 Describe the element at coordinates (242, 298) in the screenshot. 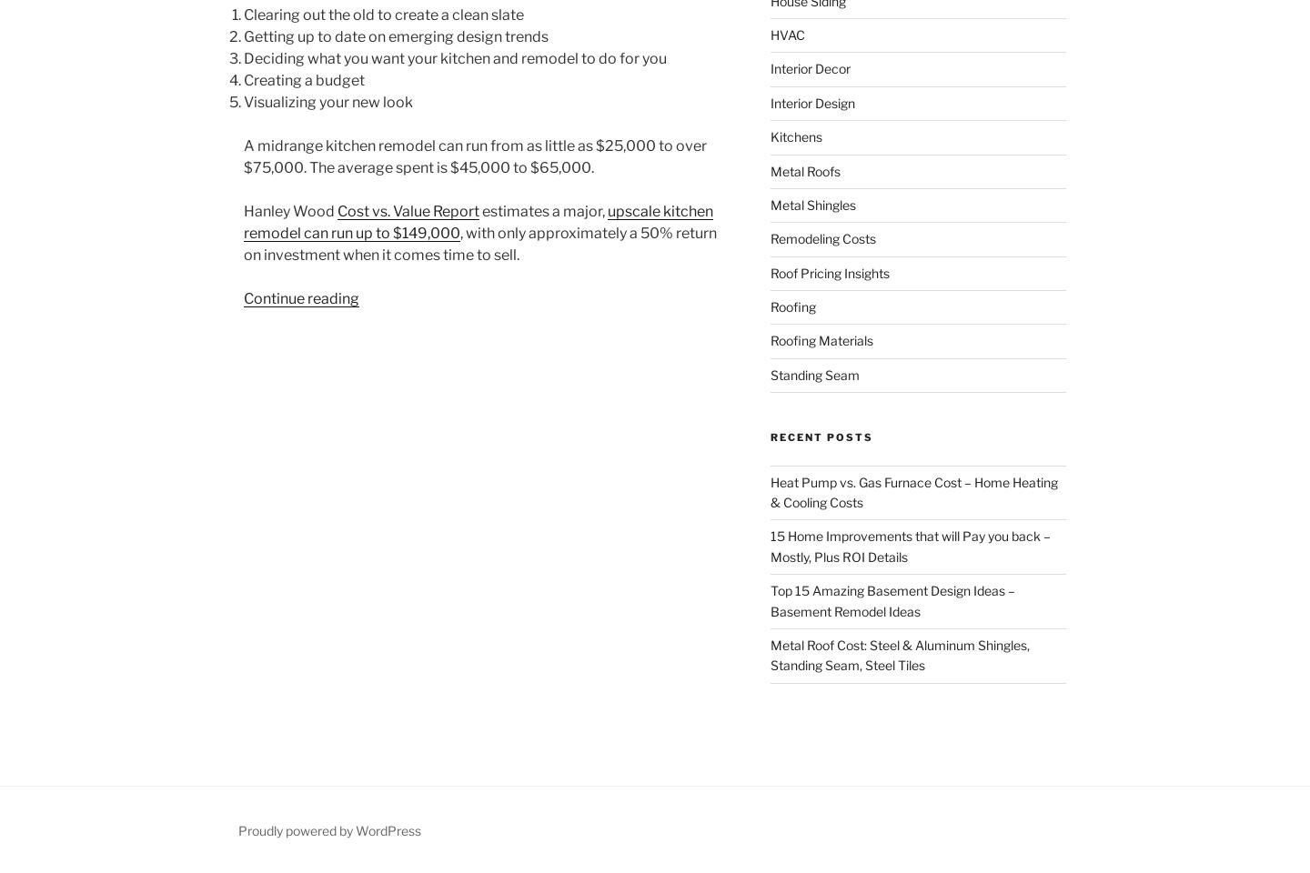

I see `'Continue reading'` at that location.